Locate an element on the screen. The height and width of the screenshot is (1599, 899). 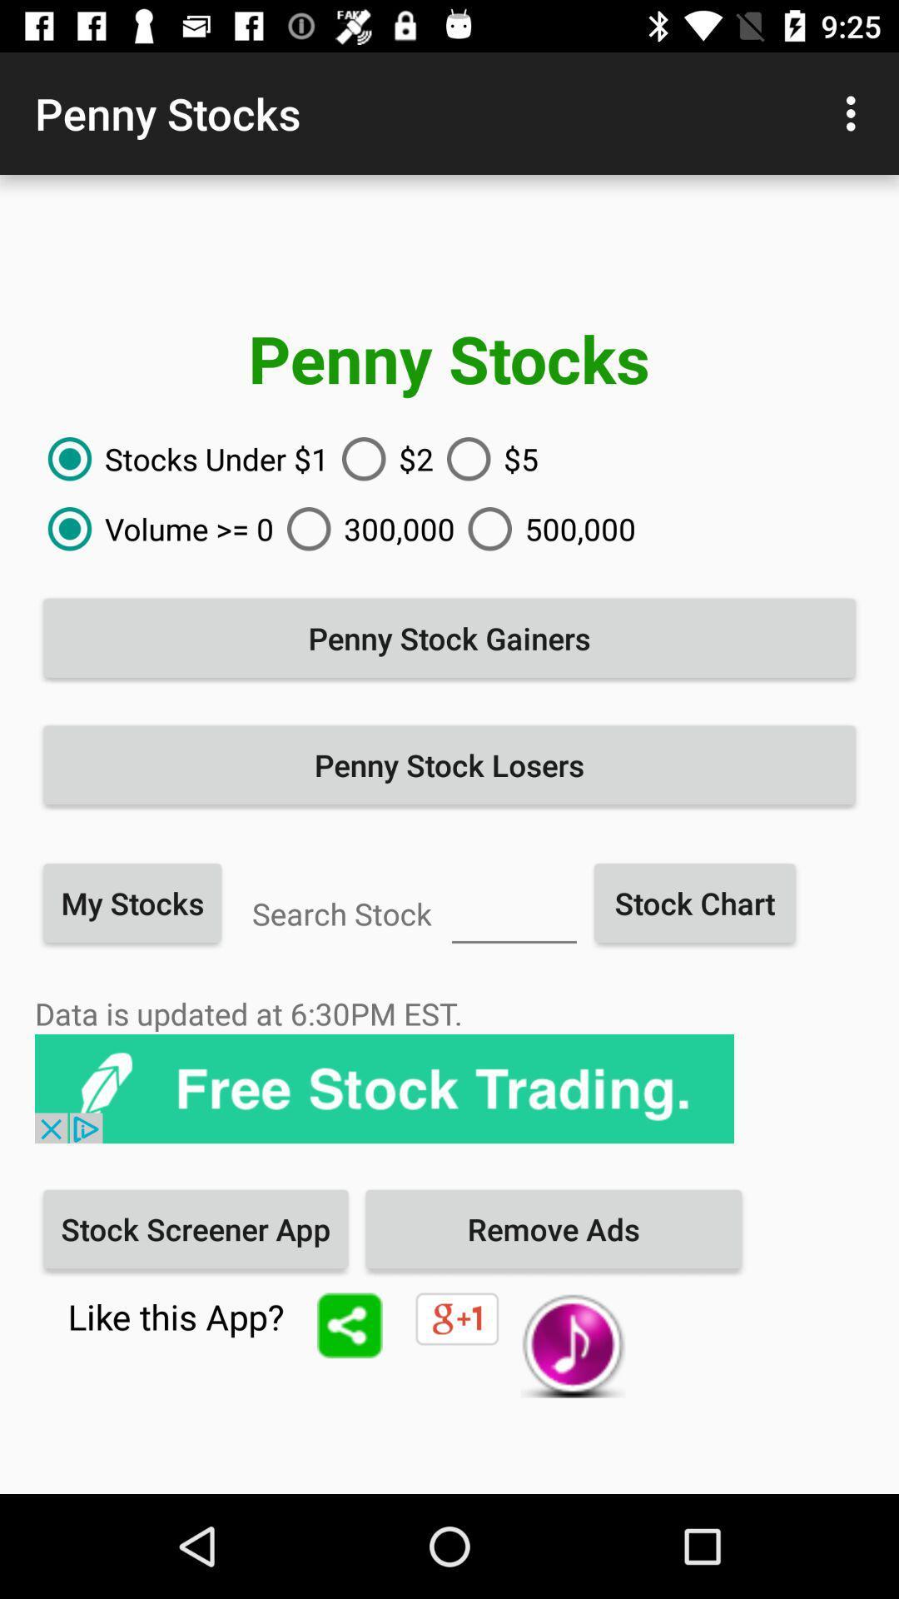
stock search query is located at coordinates (513, 909).